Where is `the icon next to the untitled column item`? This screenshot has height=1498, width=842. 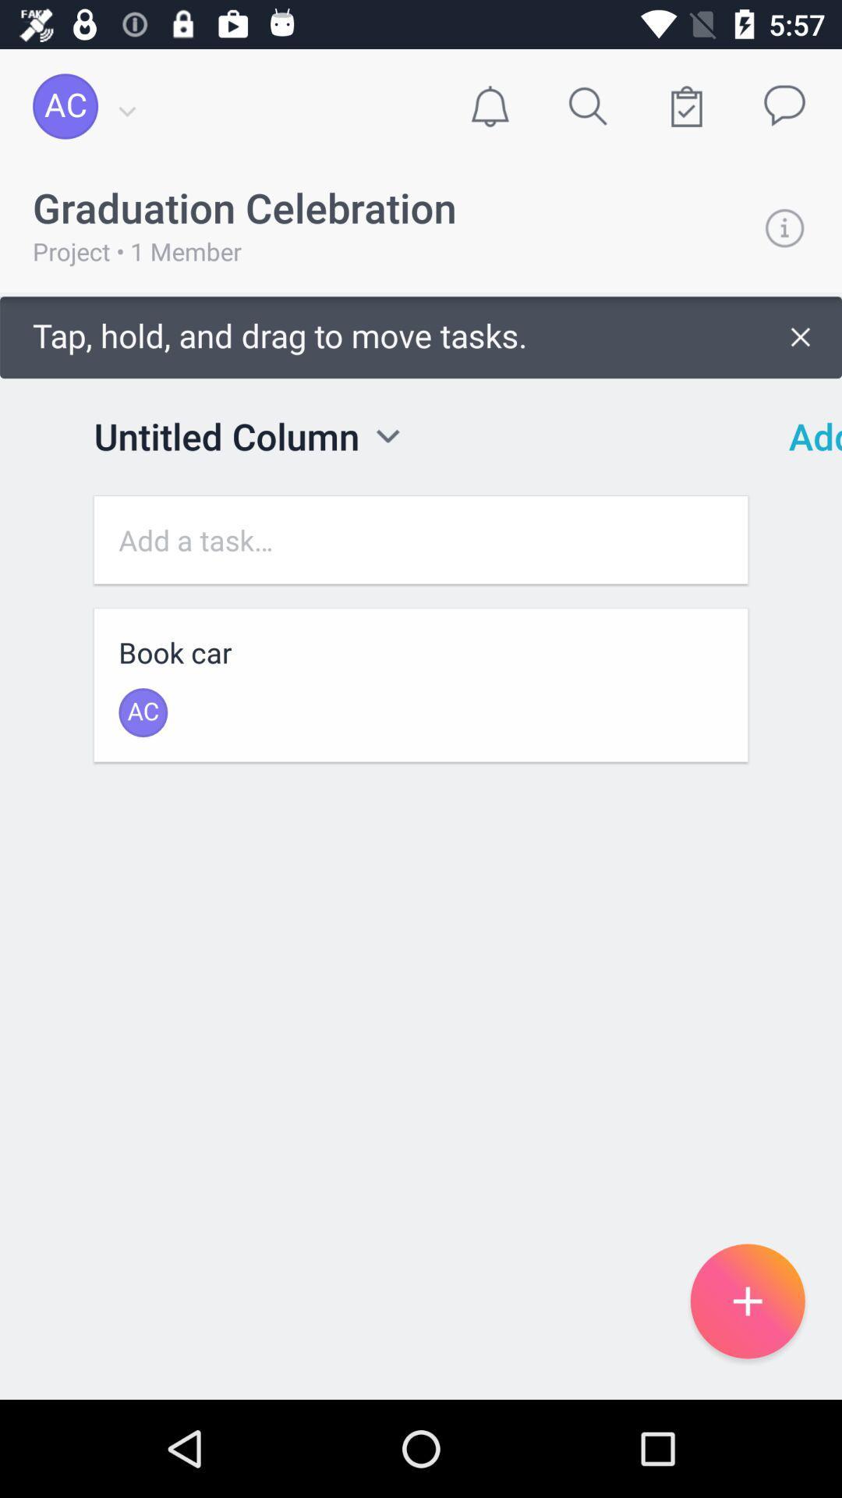 the icon next to the untitled column item is located at coordinates (387, 436).